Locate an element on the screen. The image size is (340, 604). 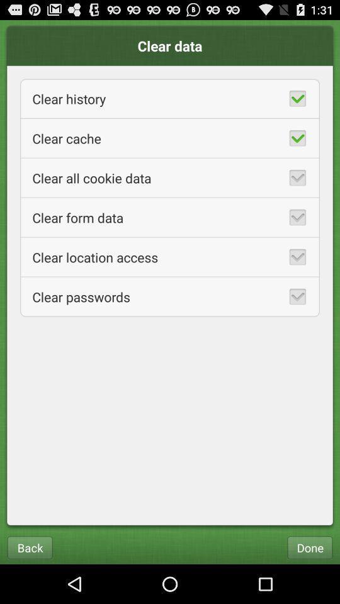
the done item is located at coordinates (309, 547).